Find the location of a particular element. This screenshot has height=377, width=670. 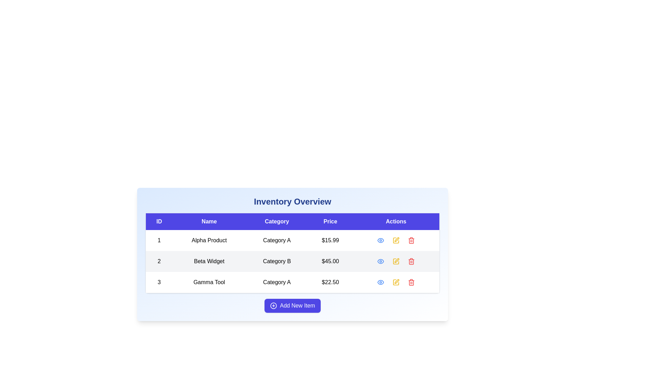

the eye icon with a blue outline in the Actions column of the Beta Widget row is located at coordinates (380, 240).